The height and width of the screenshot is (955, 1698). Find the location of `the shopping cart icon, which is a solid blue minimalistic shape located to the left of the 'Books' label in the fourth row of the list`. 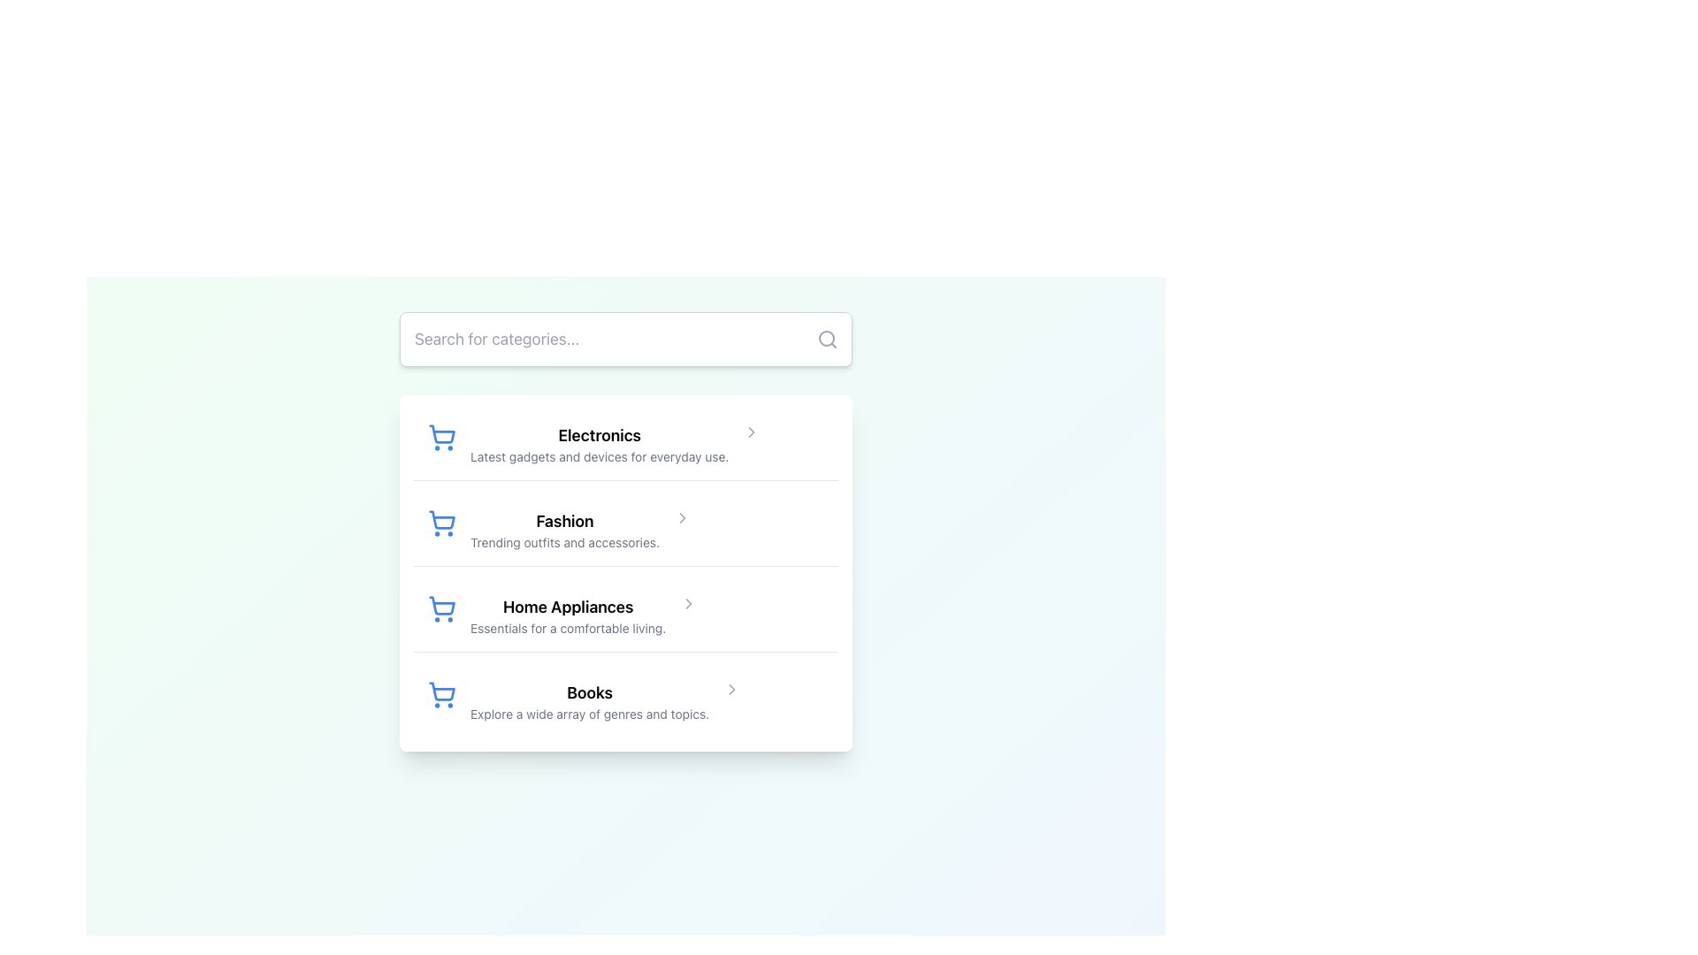

the shopping cart icon, which is a solid blue minimalistic shape located to the left of the 'Books' label in the fourth row of the list is located at coordinates (442, 691).